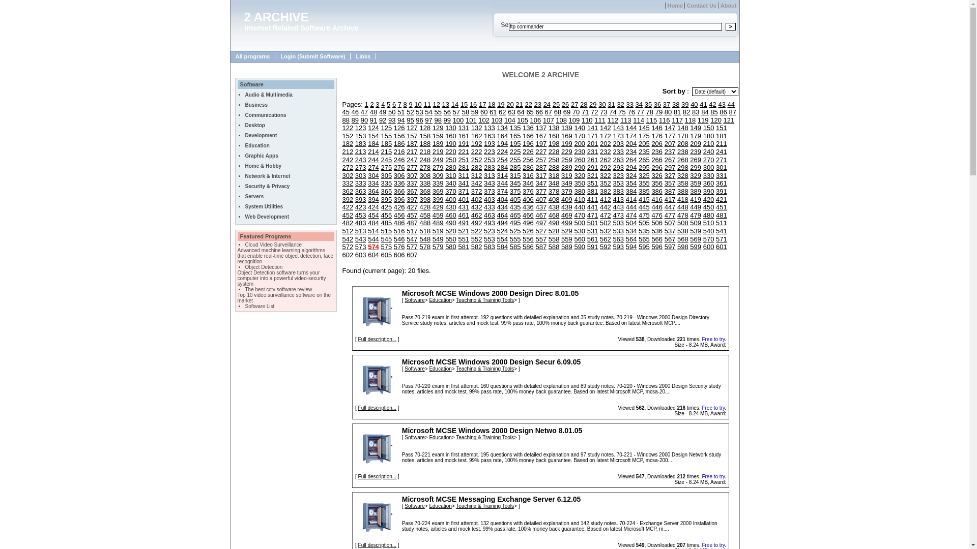  What do you see at coordinates (708, 191) in the screenshot?
I see `'390'` at bounding box center [708, 191].